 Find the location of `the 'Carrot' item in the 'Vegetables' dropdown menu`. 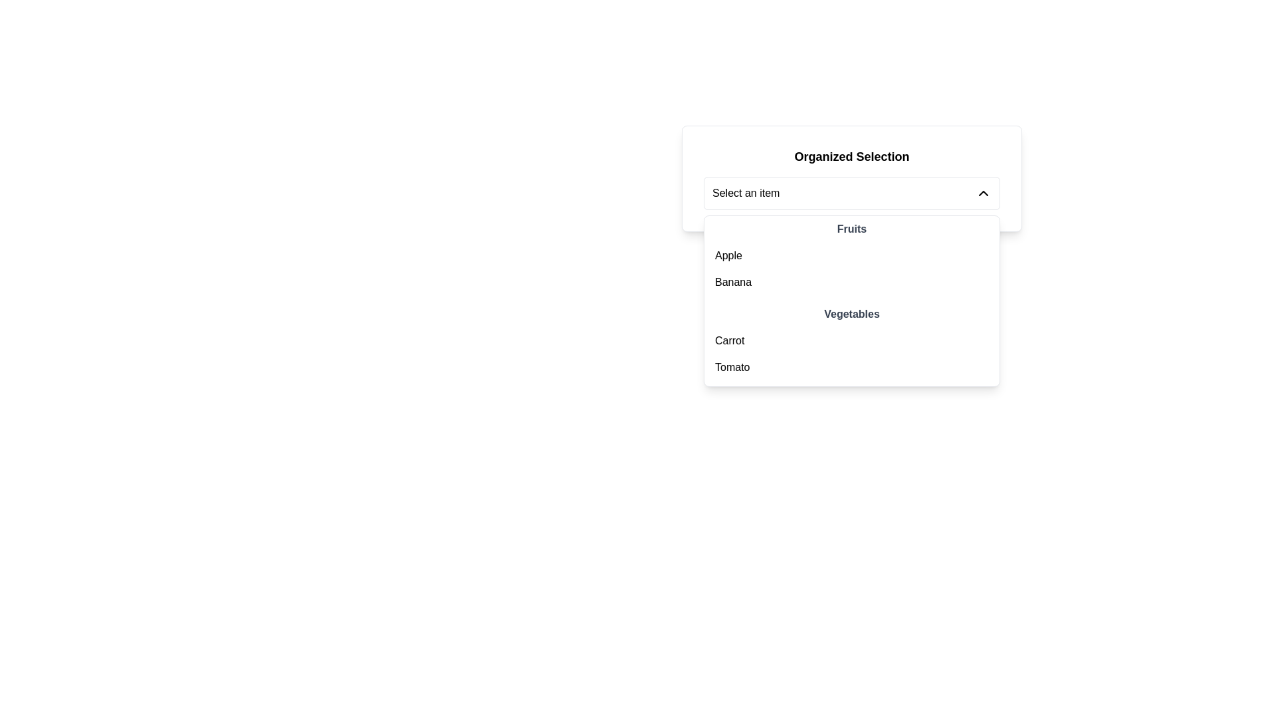

the 'Carrot' item in the 'Vegetables' dropdown menu is located at coordinates (851, 342).